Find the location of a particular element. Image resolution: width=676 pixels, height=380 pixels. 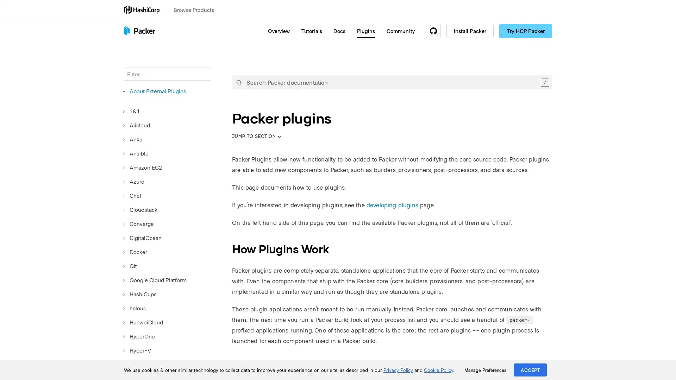

Hyper-V is located at coordinates (137, 350).